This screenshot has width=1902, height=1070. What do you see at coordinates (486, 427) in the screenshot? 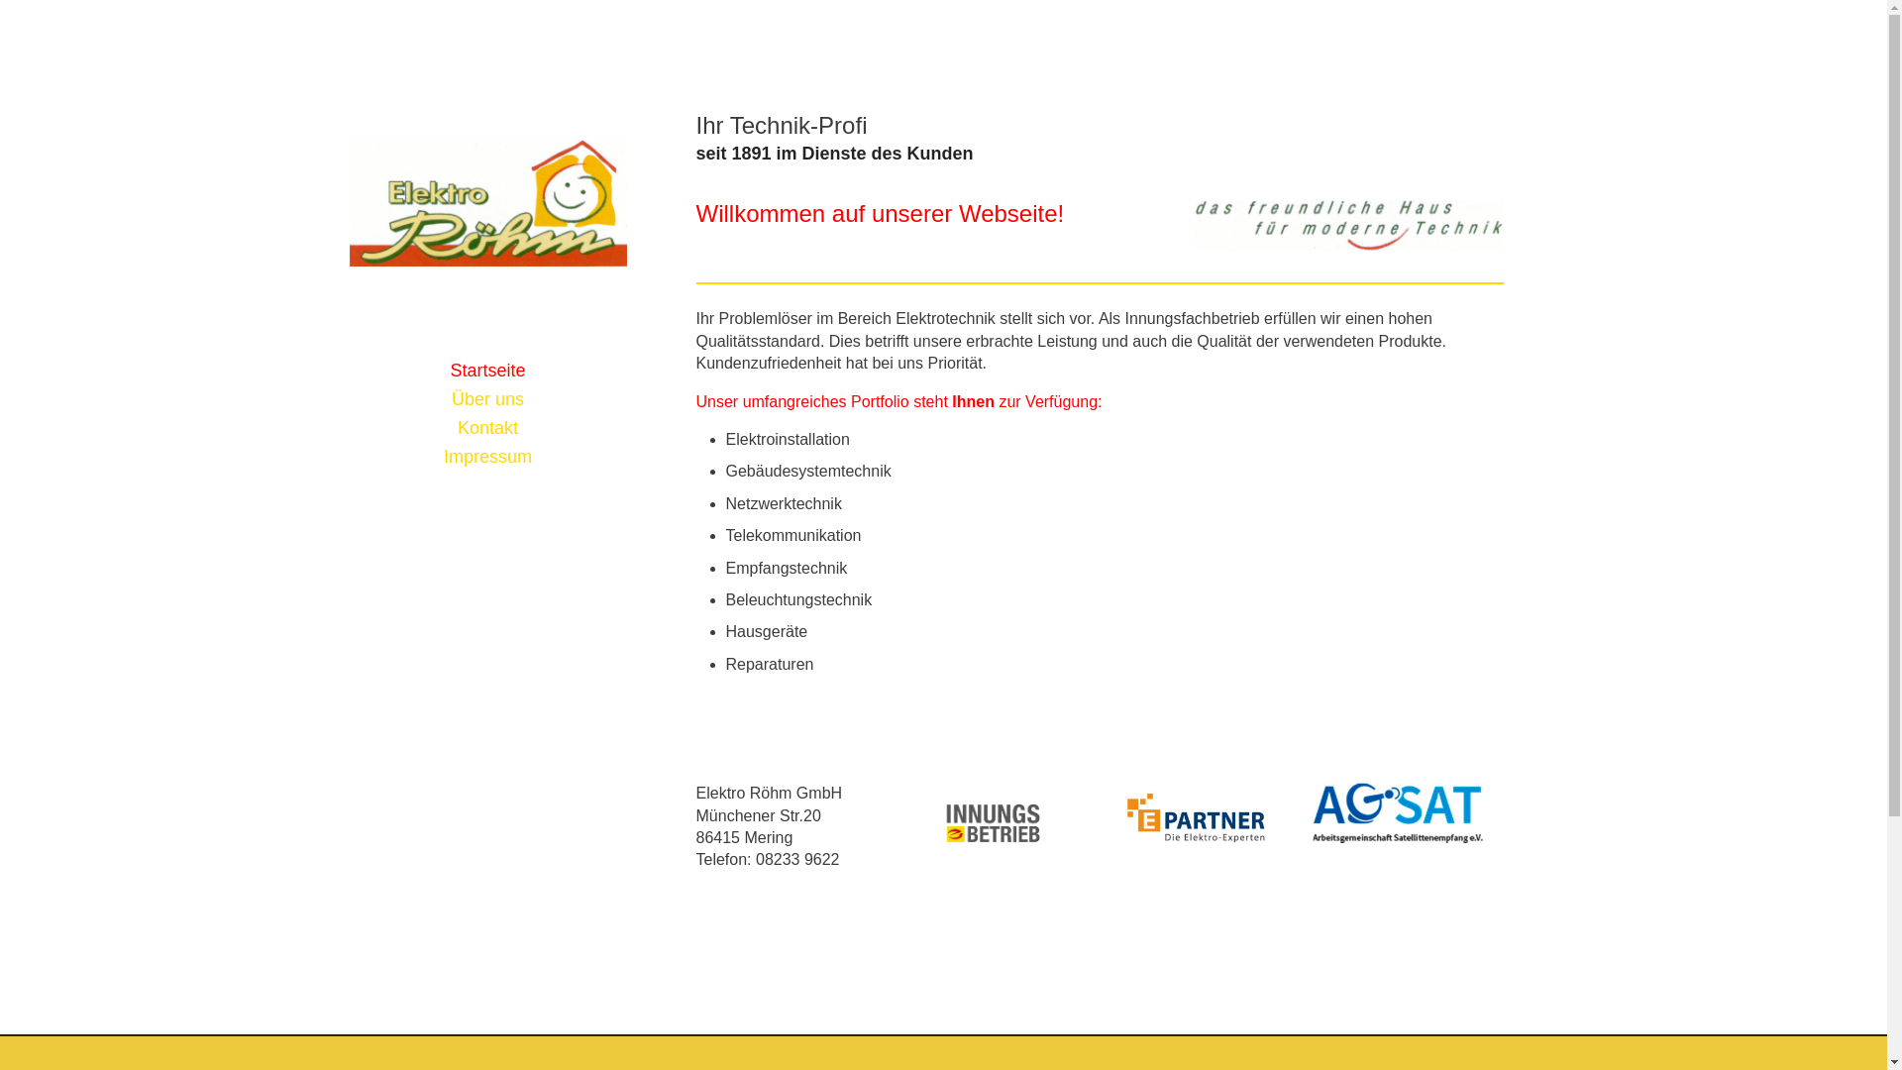
I see `'Kontakt'` at bounding box center [486, 427].